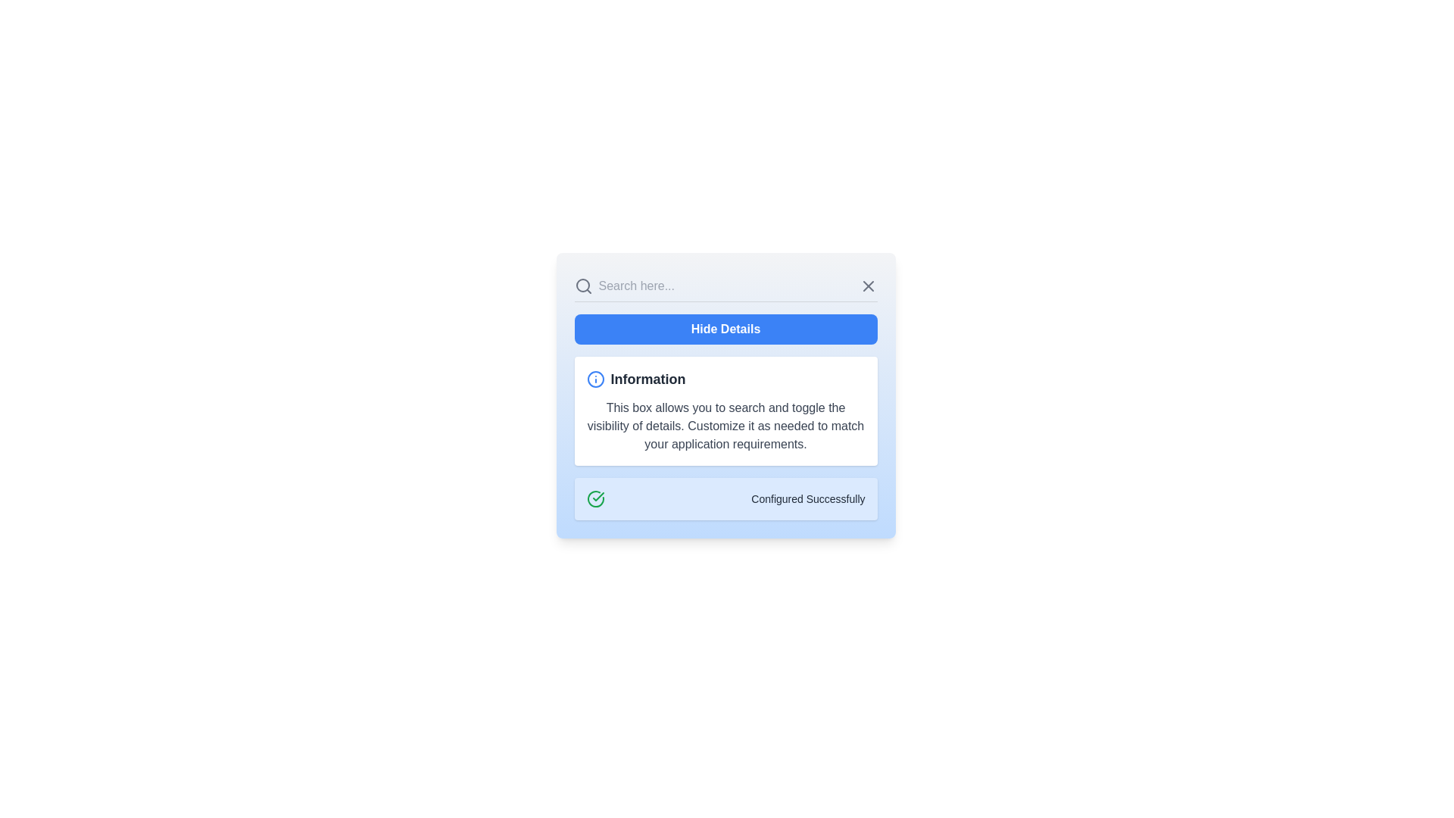 The height and width of the screenshot is (818, 1454). Describe the element at coordinates (594, 499) in the screenshot. I see `the circular green checkmark icon with a modern outlined design, located to the left of the 'Configured Successfully' text in the blue notification box at the bottom of the interface` at that location.